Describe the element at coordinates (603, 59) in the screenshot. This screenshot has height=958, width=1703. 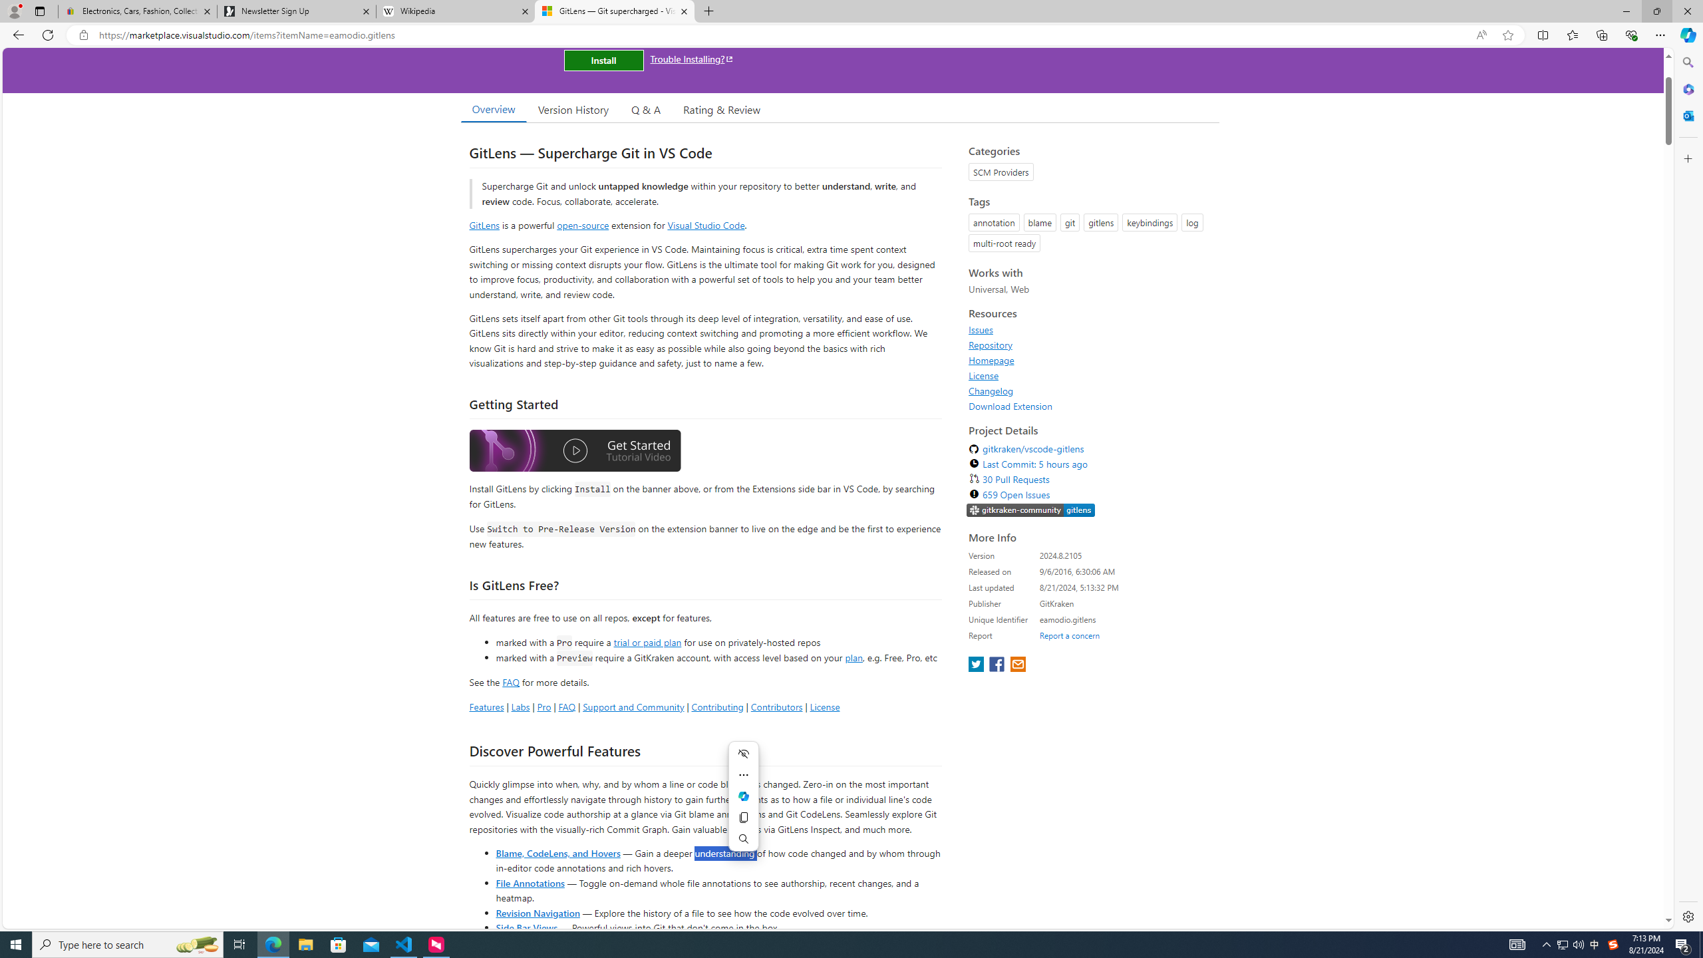
I see `'Install'` at that location.